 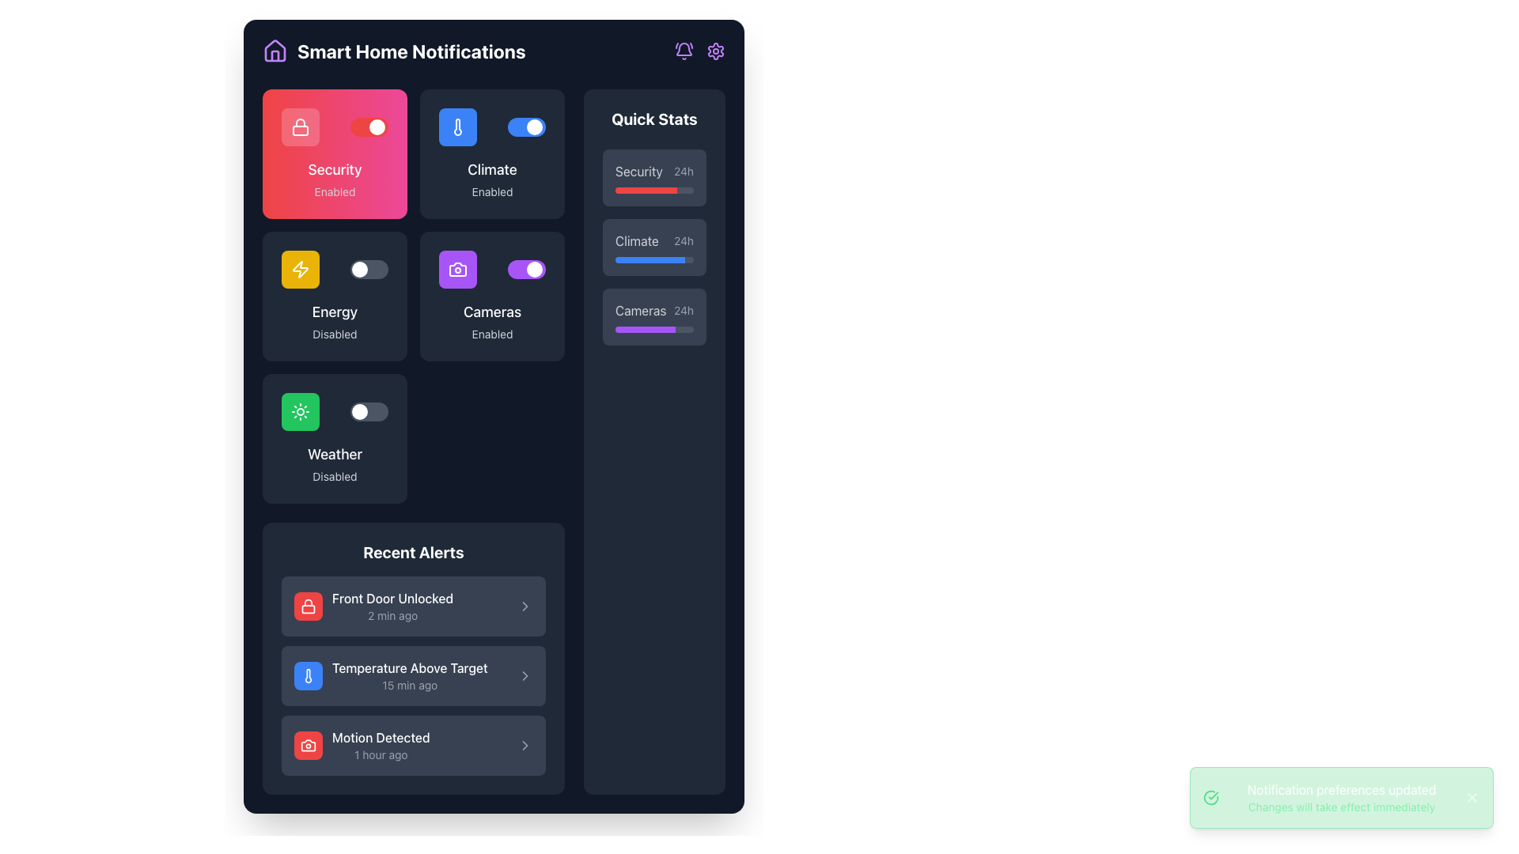 What do you see at coordinates (684, 311) in the screenshot?
I see `the Text label indicating the time range for the last 24 hours, located in the bottom-right section of the Quick Stats panel, adjacent to the text 'Cameras'` at bounding box center [684, 311].